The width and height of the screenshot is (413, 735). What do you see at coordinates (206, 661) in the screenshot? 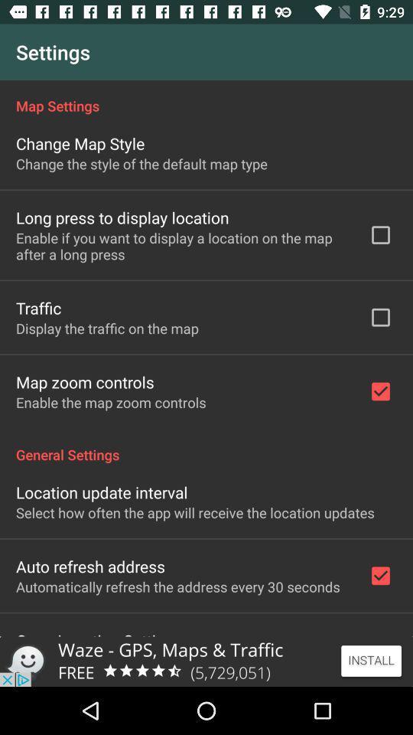
I see `install the waze app` at bounding box center [206, 661].